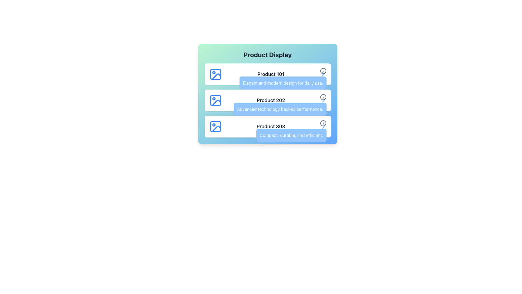 Image resolution: width=522 pixels, height=294 pixels. What do you see at coordinates (215, 100) in the screenshot?
I see `the blue outlined icon representing 'Product 202' if it is linked` at bounding box center [215, 100].